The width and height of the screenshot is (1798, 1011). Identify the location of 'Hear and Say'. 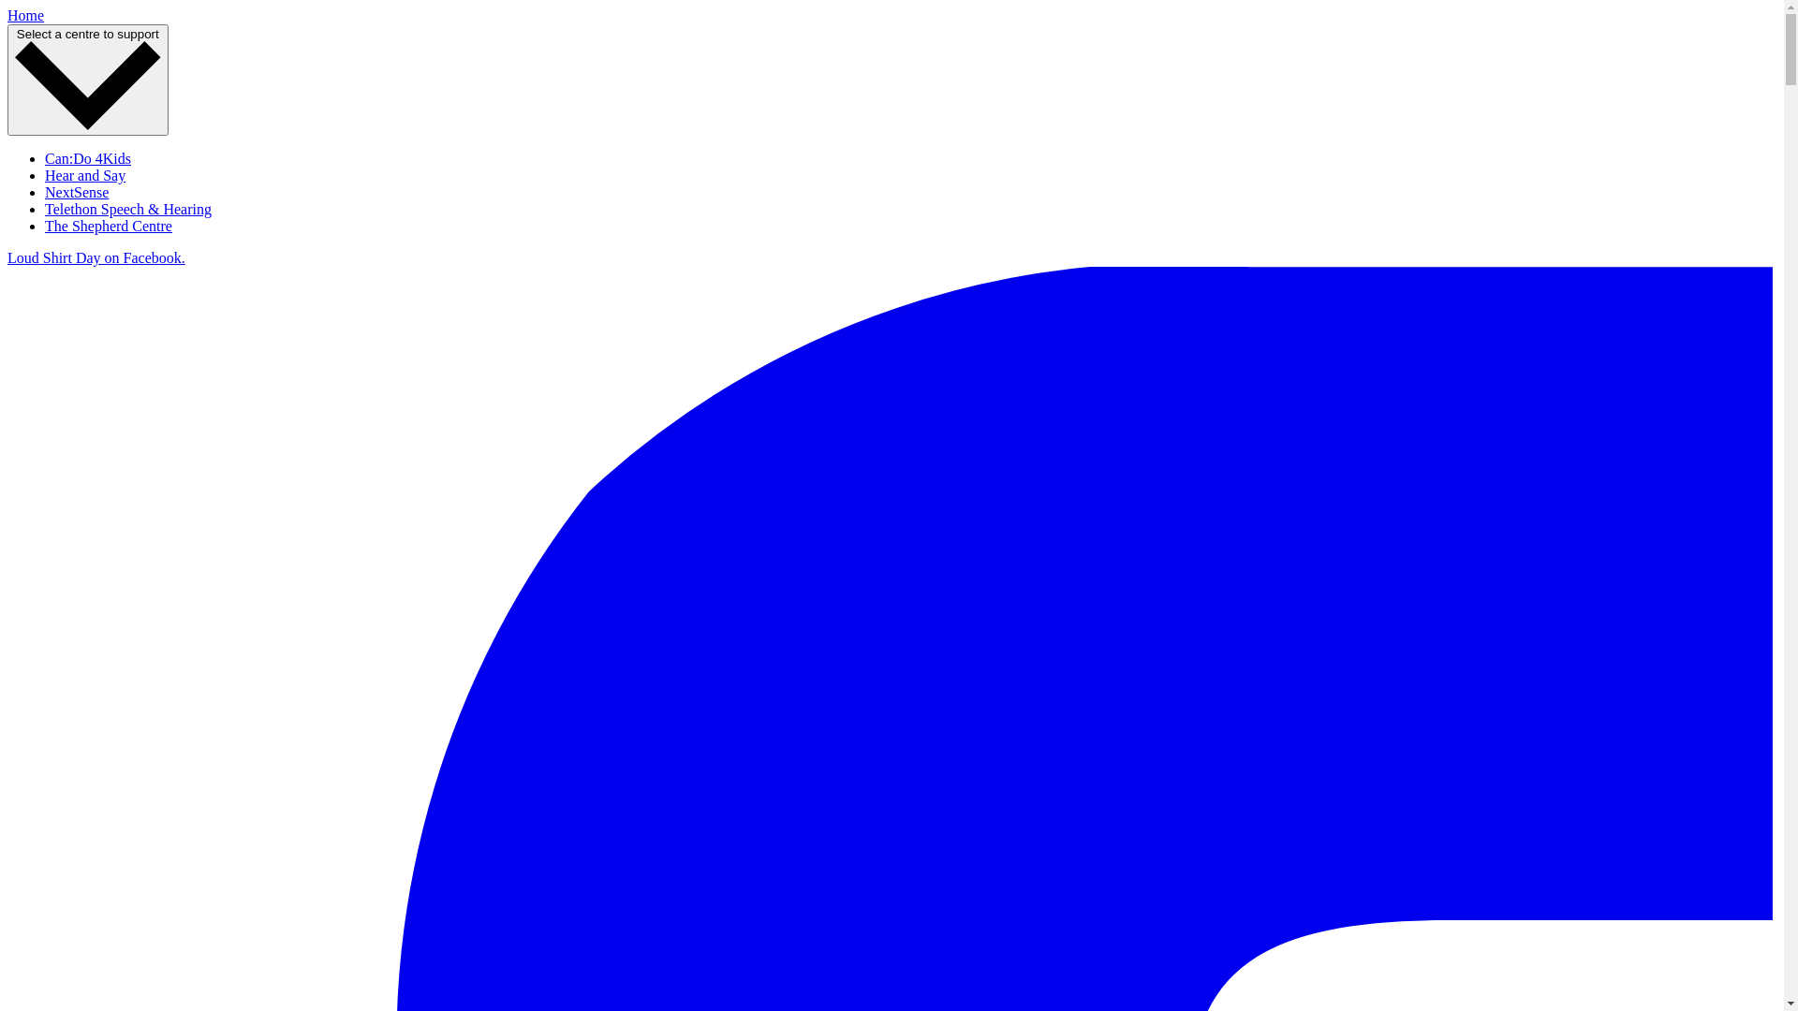
(84, 175).